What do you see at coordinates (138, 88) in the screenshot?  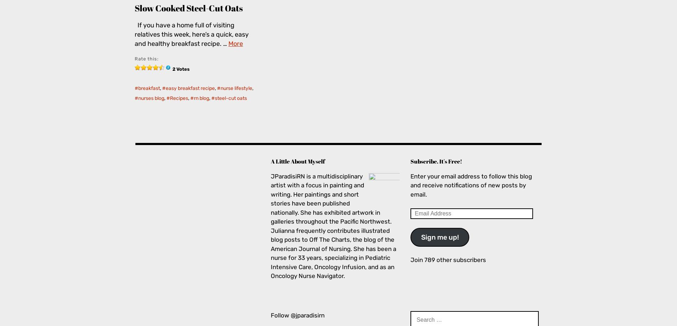 I see `'breakfast'` at bounding box center [138, 88].